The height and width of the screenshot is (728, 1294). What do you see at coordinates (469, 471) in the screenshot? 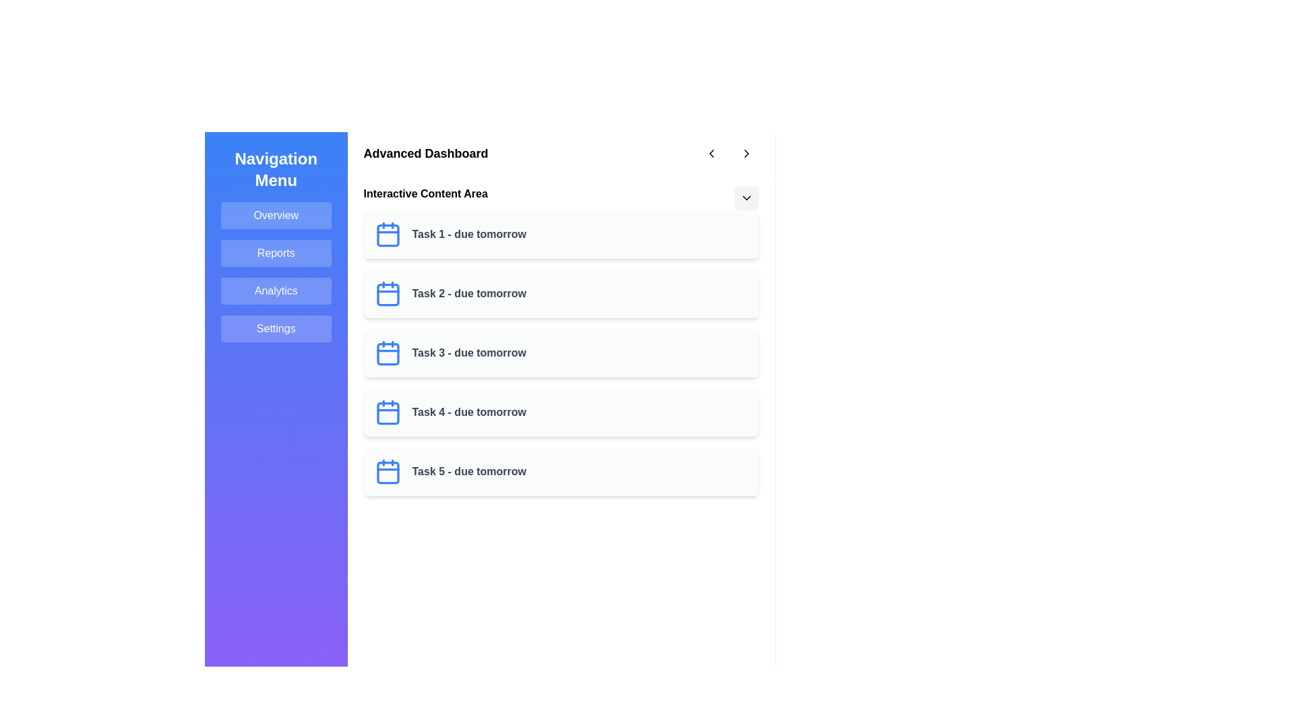
I see `text label that says 'Task 5 - due tomorrow', which is the bottom-most item in a vertical stack of tasks, aligned with a blue calendar icon to its left` at bounding box center [469, 471].